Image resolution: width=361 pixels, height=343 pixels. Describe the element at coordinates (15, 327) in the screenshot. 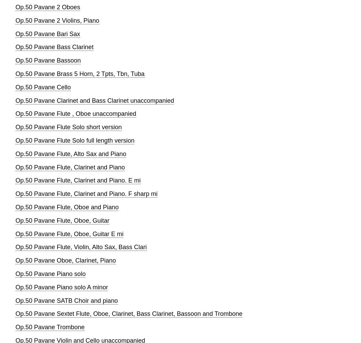

I see `'Op.50  Pavane  Trombone'` at that location.